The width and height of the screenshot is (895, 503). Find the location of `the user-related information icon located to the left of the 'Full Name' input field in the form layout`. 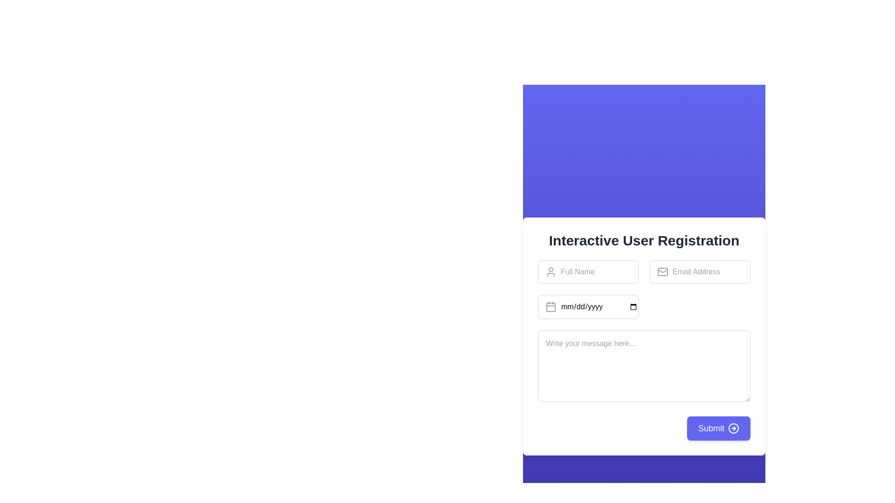

the user-related information icon located to the left of the 'Full Name' input field in the form layout is located at coordinates (551, 272).